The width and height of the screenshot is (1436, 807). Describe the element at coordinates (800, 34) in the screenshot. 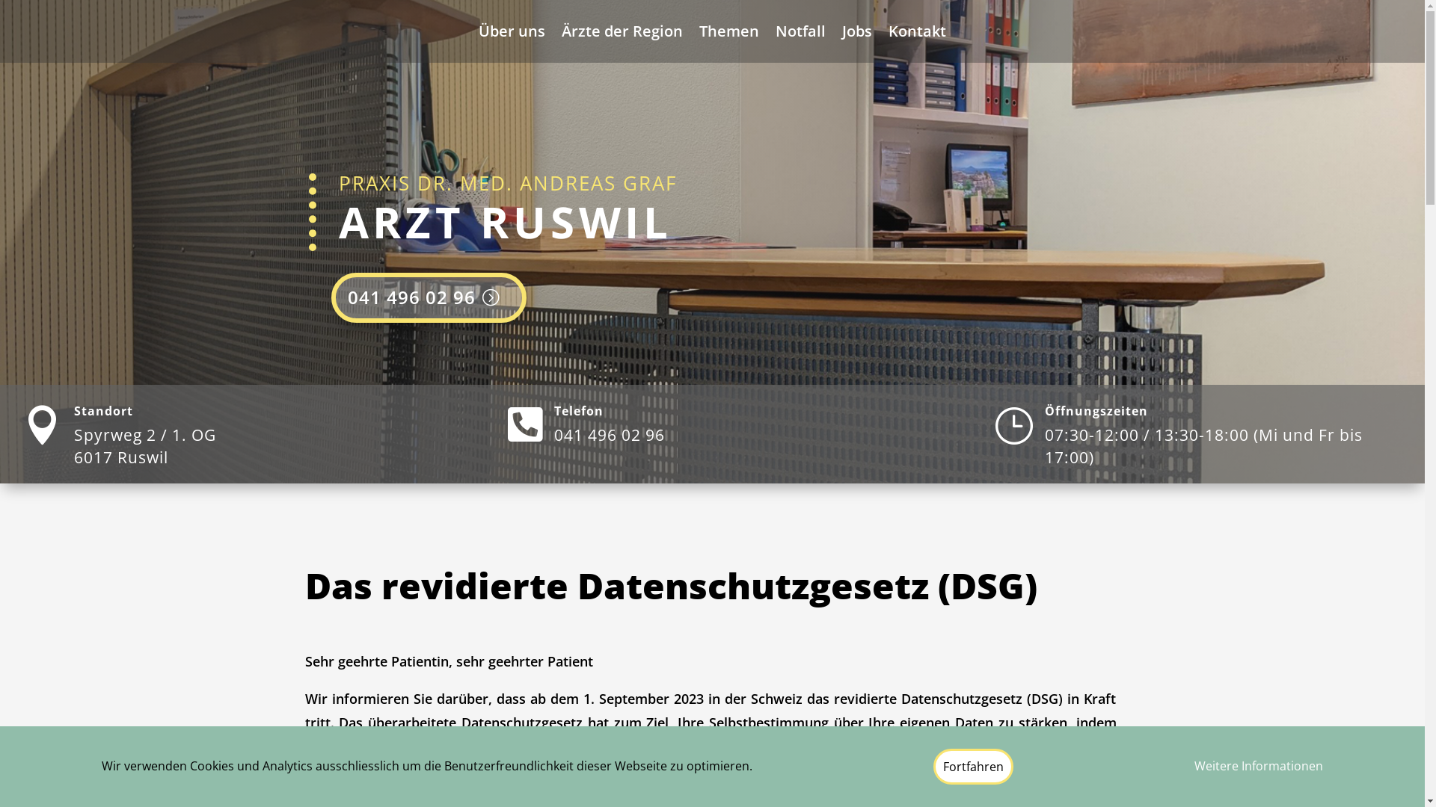

I see `'Notfall'` at that location.